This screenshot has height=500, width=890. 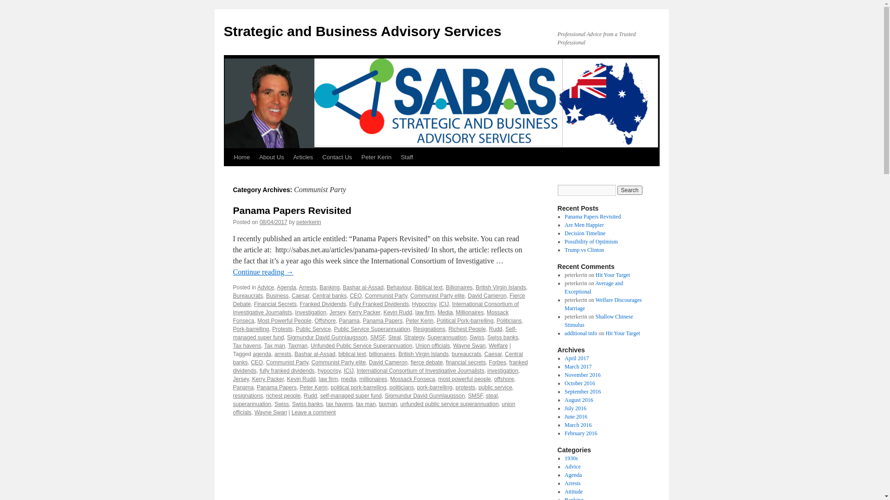 What do you see at coordinates (329, 287) in the screenshot?
I see `'Banking'` at bounding box center [329, 287].